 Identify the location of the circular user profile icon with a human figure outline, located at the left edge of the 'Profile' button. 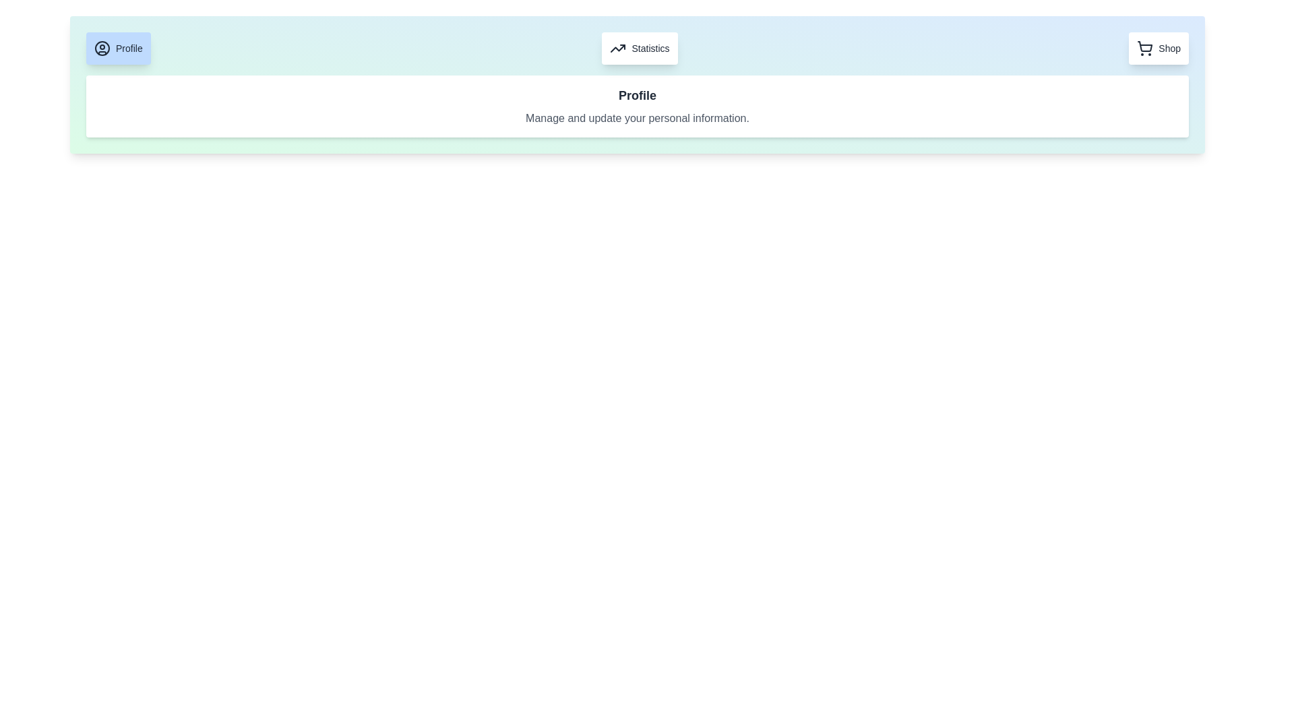
(102, 48).